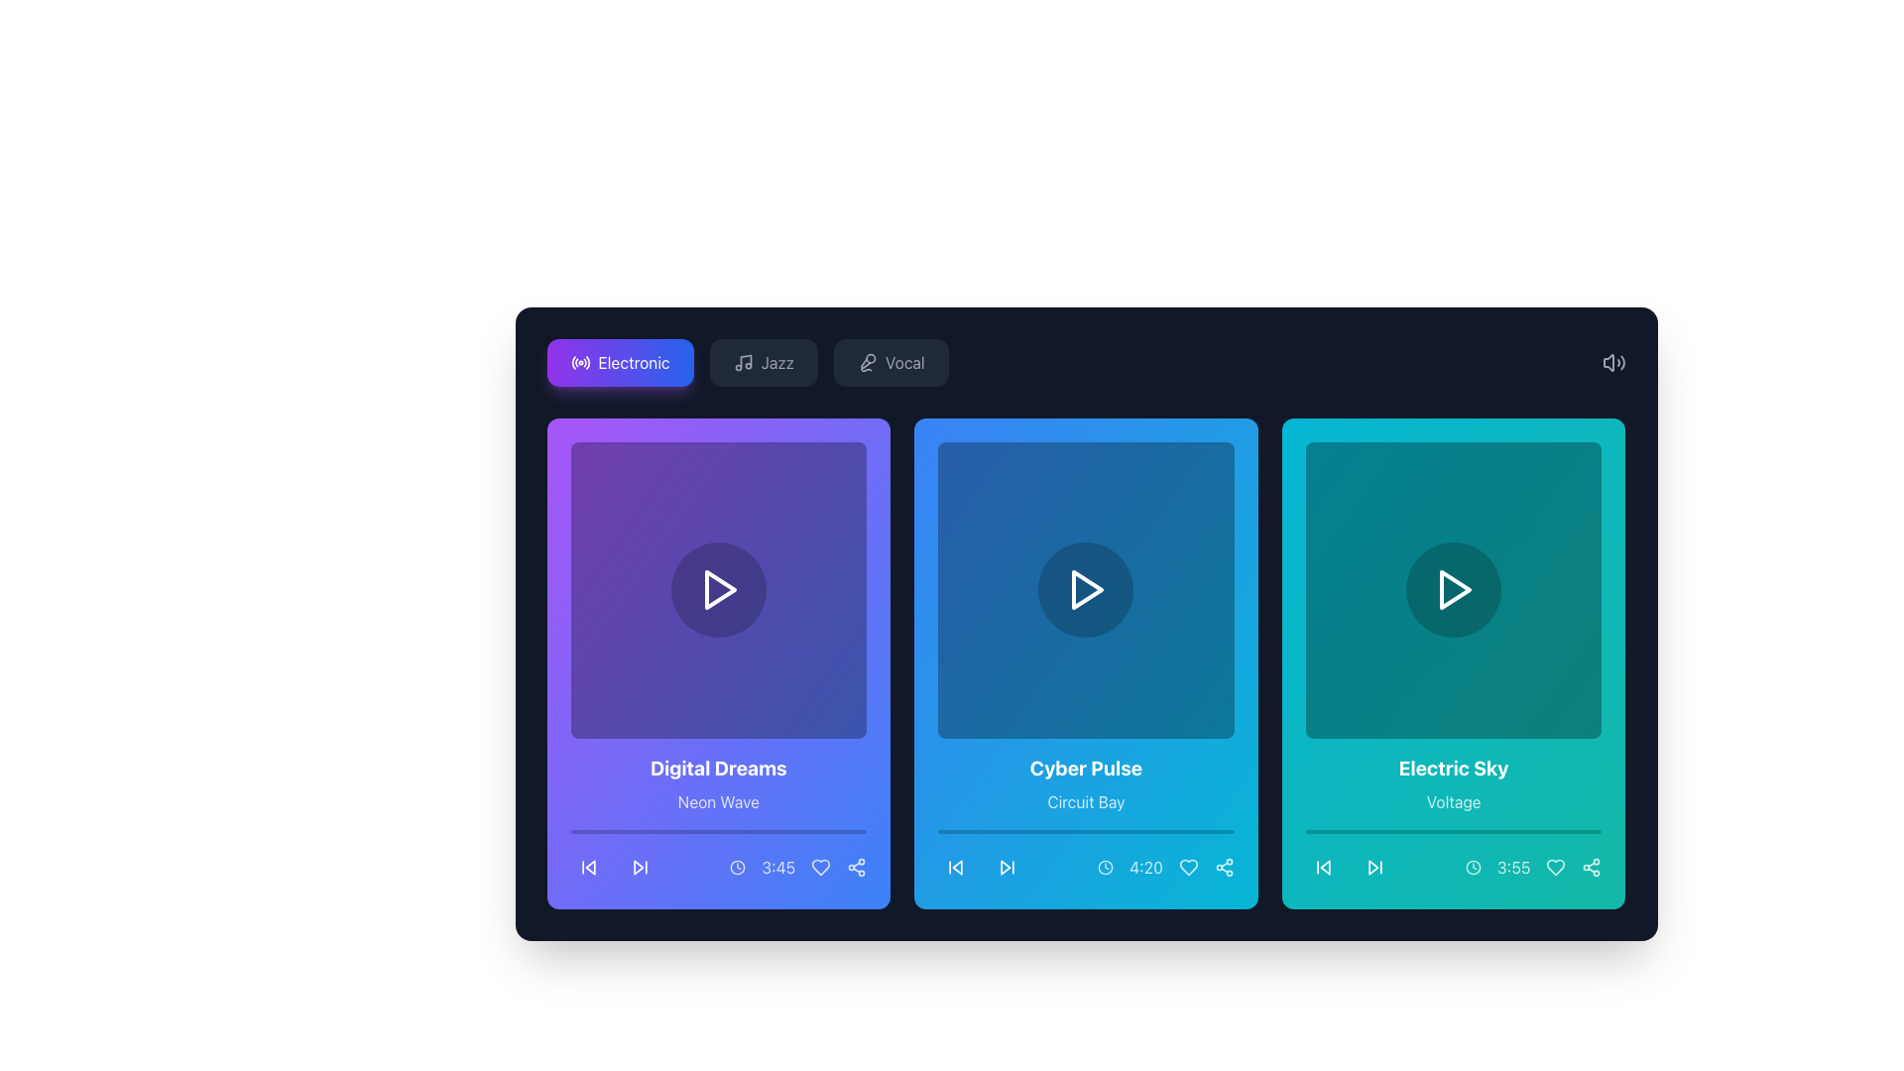 The width and height of the screenshot is (1904, 1071). I want to click on the play button located at the center of the 'Electric Sky' card, so click(1456, 589).